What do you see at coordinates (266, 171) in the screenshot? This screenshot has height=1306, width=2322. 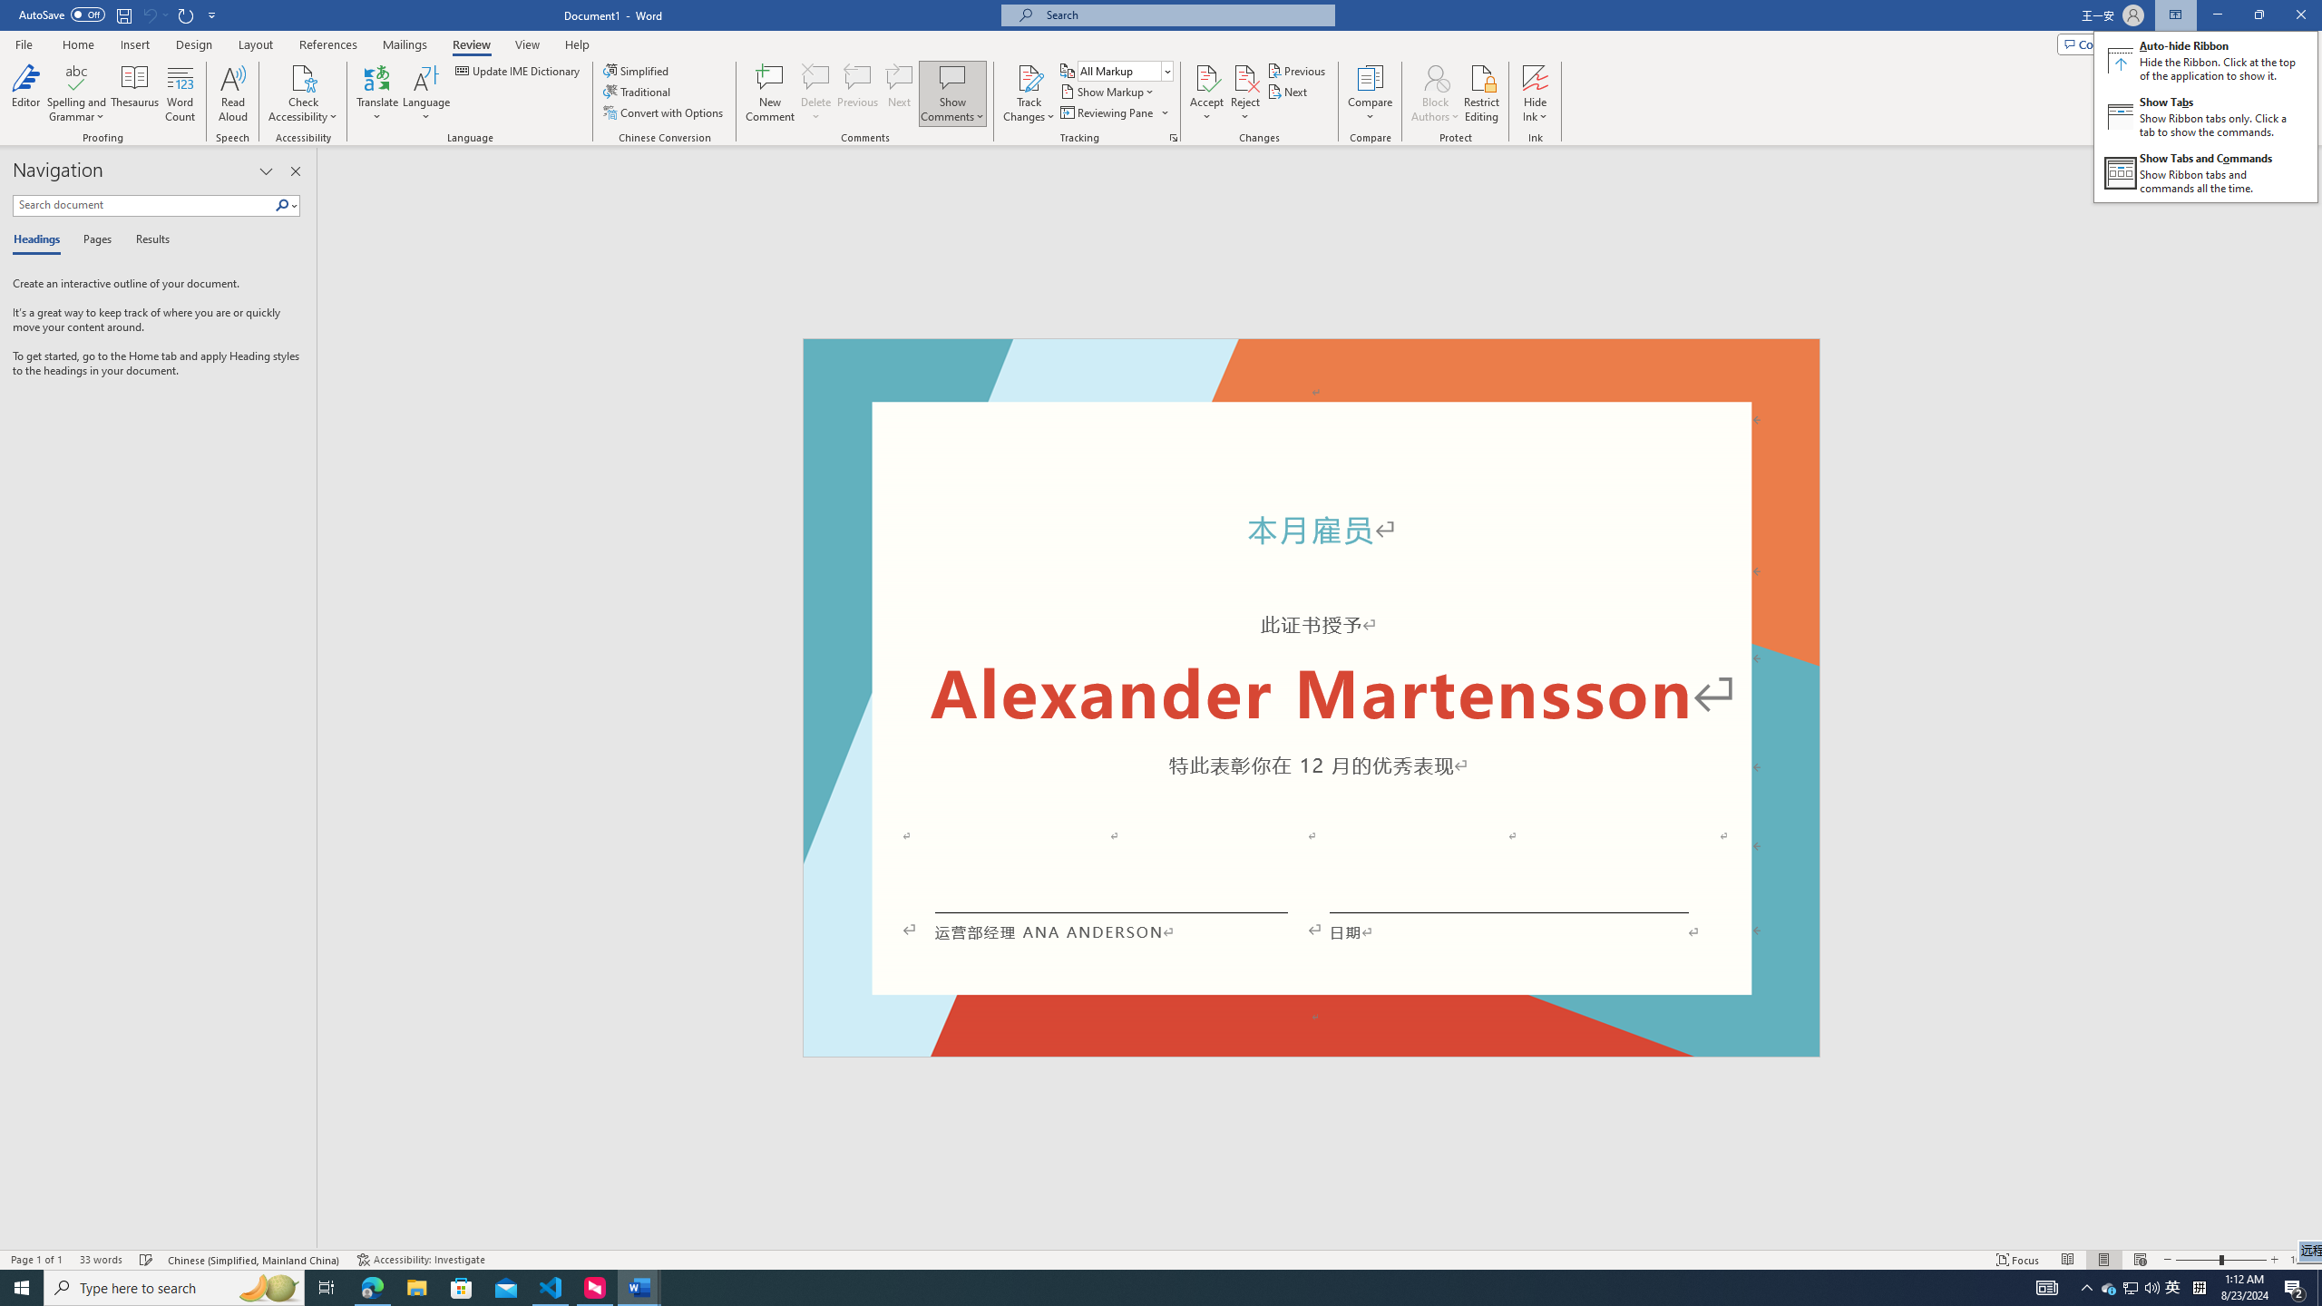 I see `'Task Pane Options'` at bounding box center [266, 171].